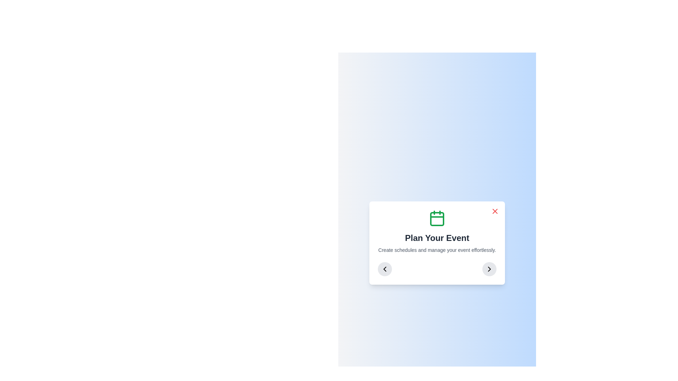 Image resolution: width=678 pixels, height=381 pixels. Describe the element at coordinates (437, 250) in the screenshot. I see `the explanatory text element that provides additional information about the 'Plan Your Event' feature, positioned beneath the header 'Plan Your Event'` at that location.